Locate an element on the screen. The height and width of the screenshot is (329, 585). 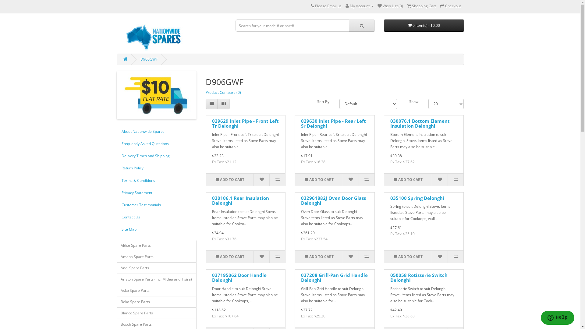
'Frequently Asked Questions' is located at coordinates (156, 143).